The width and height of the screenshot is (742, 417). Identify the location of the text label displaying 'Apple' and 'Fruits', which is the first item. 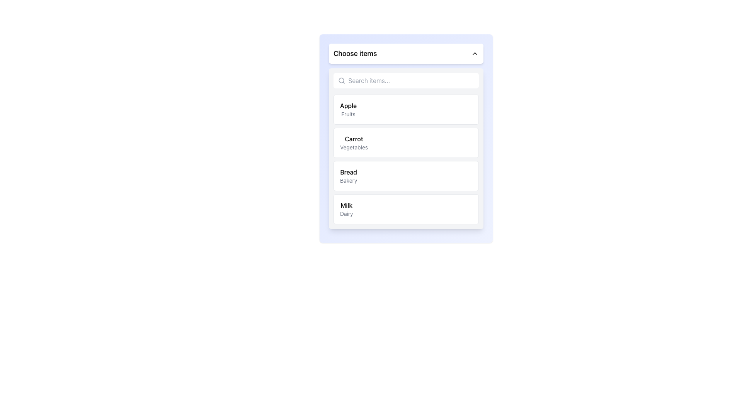
(348, 110).